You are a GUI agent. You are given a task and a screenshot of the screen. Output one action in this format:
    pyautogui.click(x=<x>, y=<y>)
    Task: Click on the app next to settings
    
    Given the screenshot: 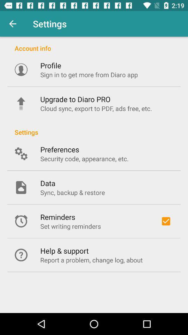 What is the action you would take?
    pyautogui.click(x=13, y=24)
    